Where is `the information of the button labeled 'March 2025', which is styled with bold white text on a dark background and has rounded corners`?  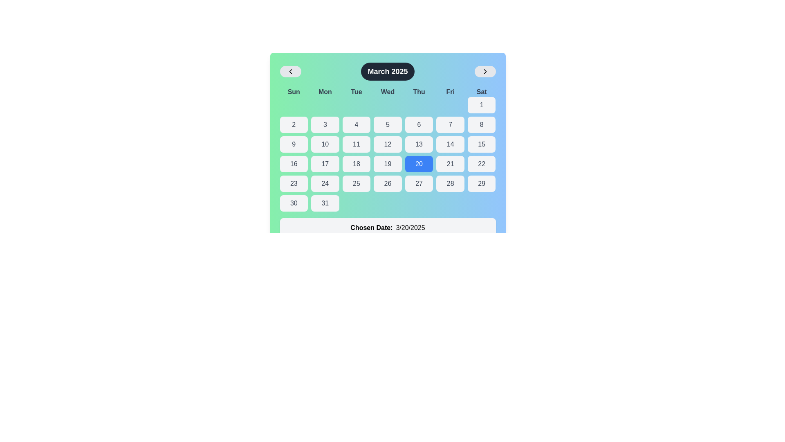 the information of the button labeled 'March 2025', which is styled with bold white text on a dark background and has rounded corners is located at coordinates (387, 71).